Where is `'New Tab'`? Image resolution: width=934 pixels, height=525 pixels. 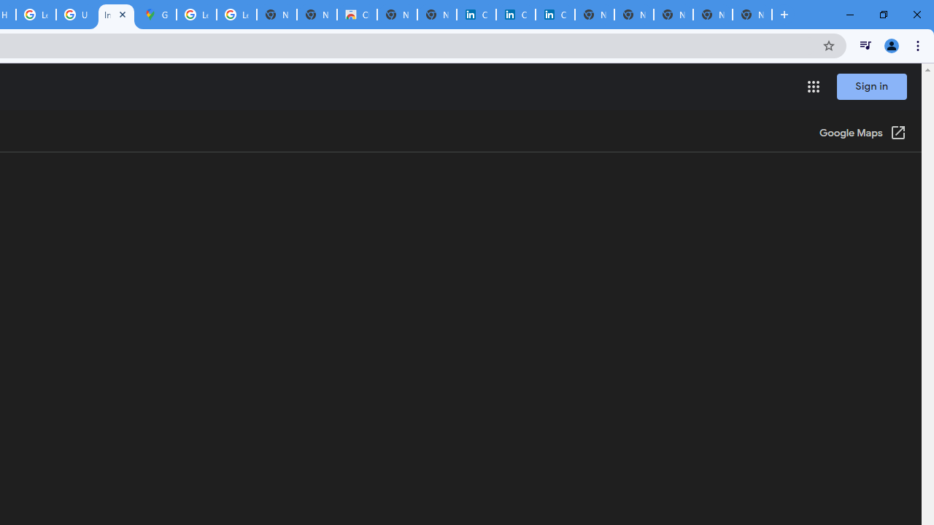
'New Tab' is located at coordinates (752, 15).